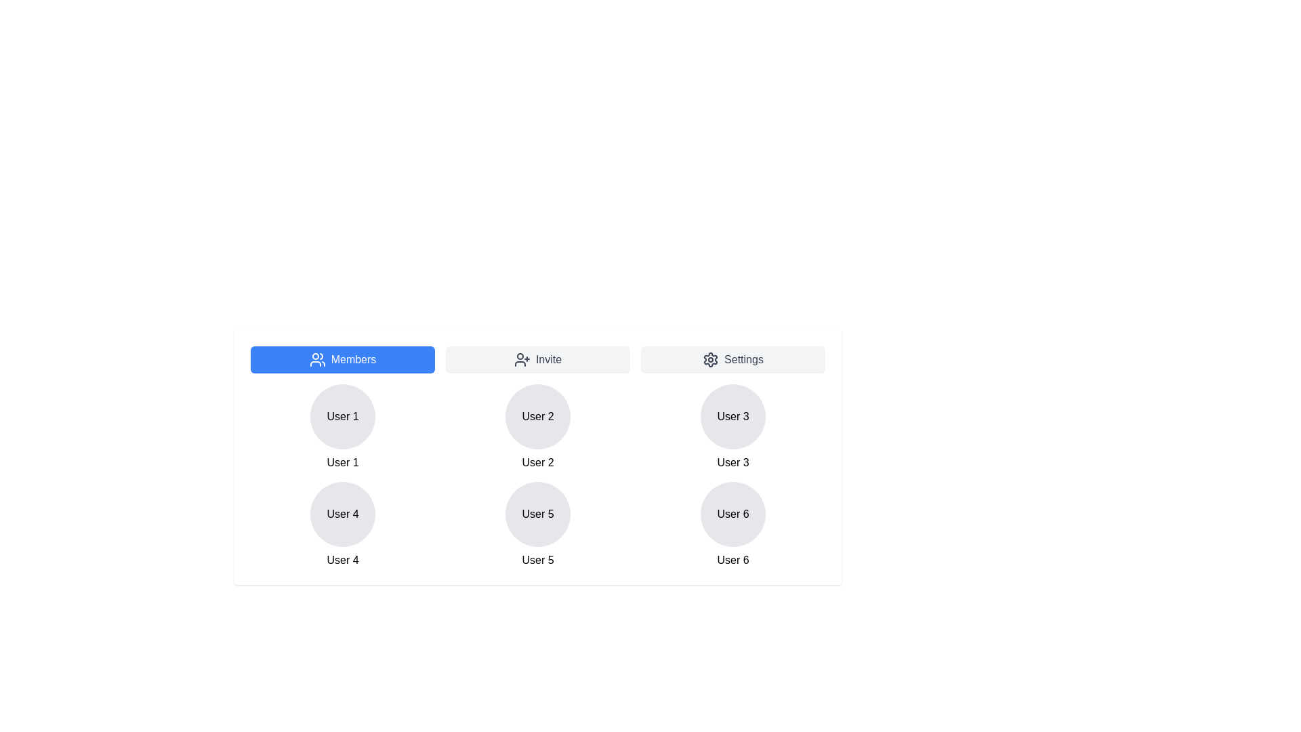 The height and width of the screenshot is (732, 1301). What do you see at coordinates (710, 359) in the screenshot?
I see `the settings icon located in the upper-right corner of the interface` at bounding box center [710, 359].